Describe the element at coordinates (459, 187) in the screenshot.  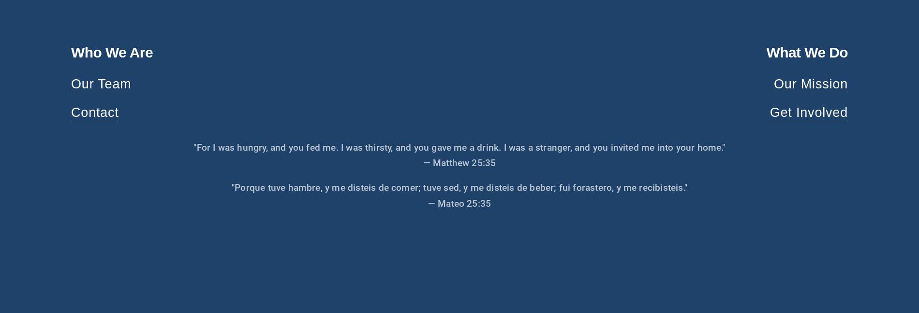
I see `'"Porque tuve hambre, y me disteis de comer; tuve sed, y me disteis de beber; fui forastero, y me recibisteis."'` at that location.